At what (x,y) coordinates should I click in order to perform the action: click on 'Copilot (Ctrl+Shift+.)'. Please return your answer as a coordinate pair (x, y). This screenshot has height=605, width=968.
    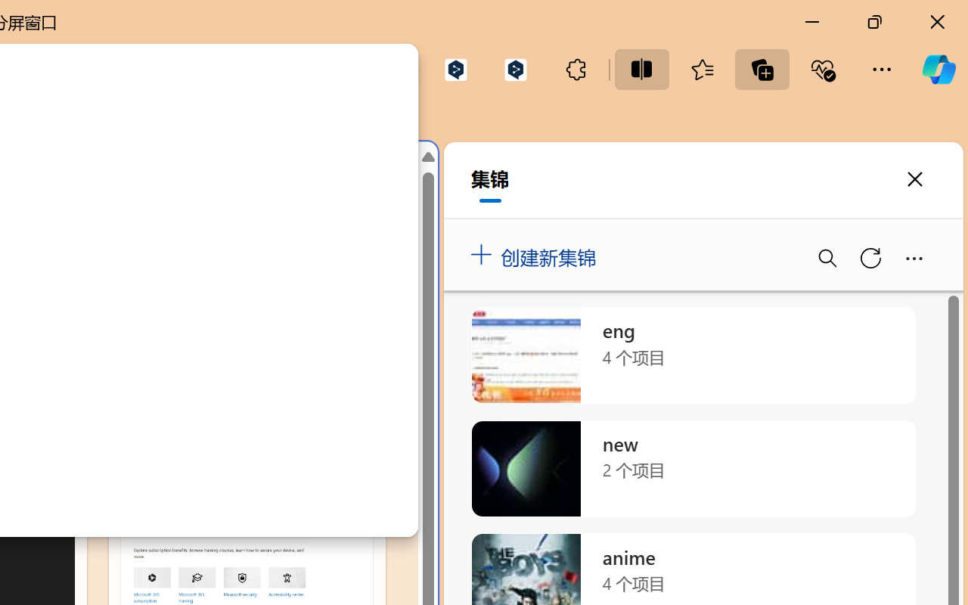
    Looking at the image, I should click on (938, 69).